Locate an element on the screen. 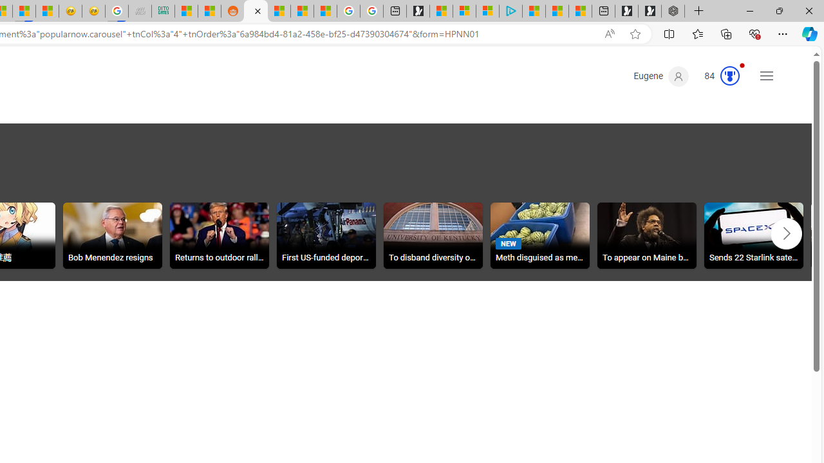  'First US-funded deportation' is located at coordinates (326, 235).